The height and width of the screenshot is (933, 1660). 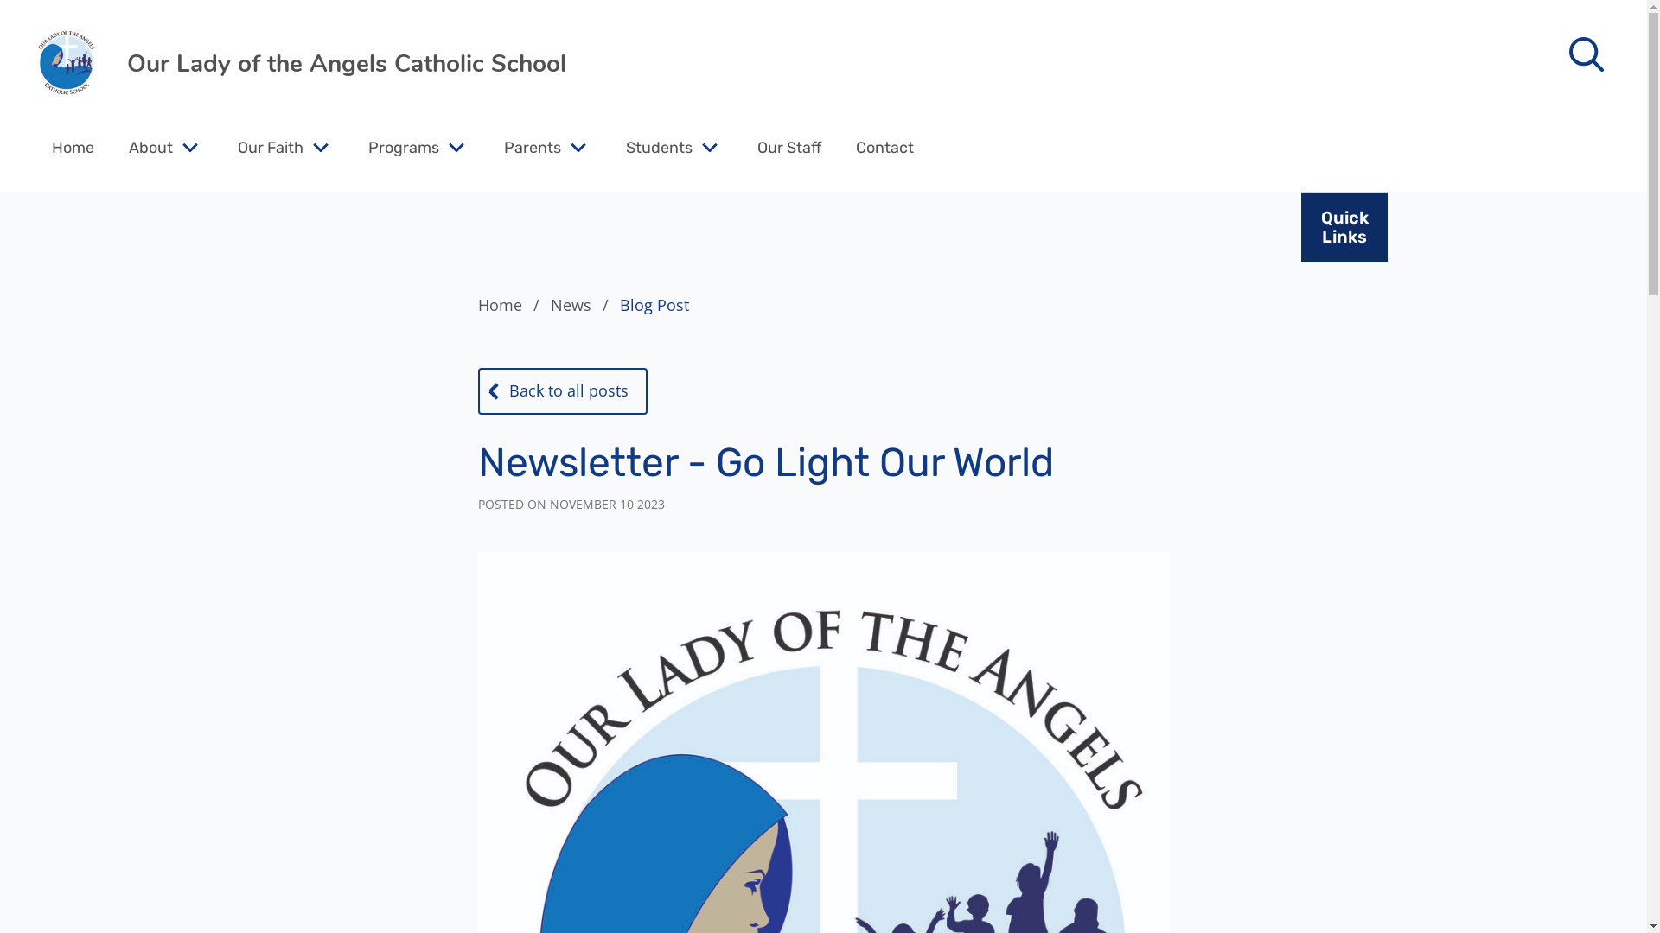 I want to click on 'Programs', so click(x=367, y=146).